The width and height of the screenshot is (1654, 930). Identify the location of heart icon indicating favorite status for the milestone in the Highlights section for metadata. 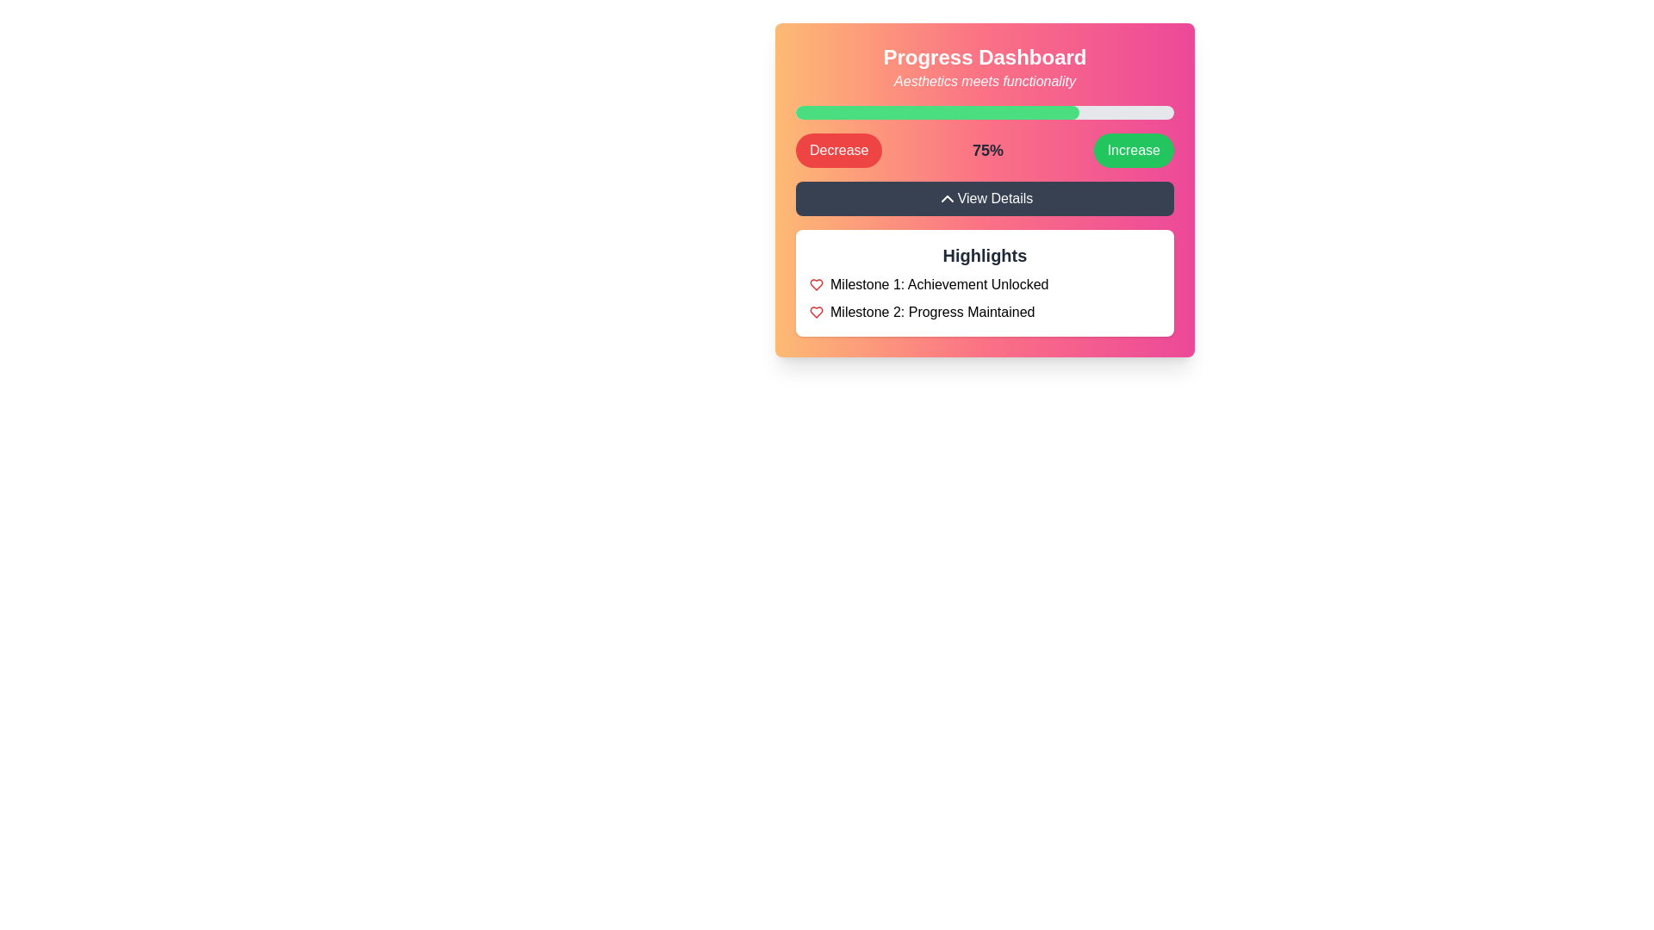
(816, 284).